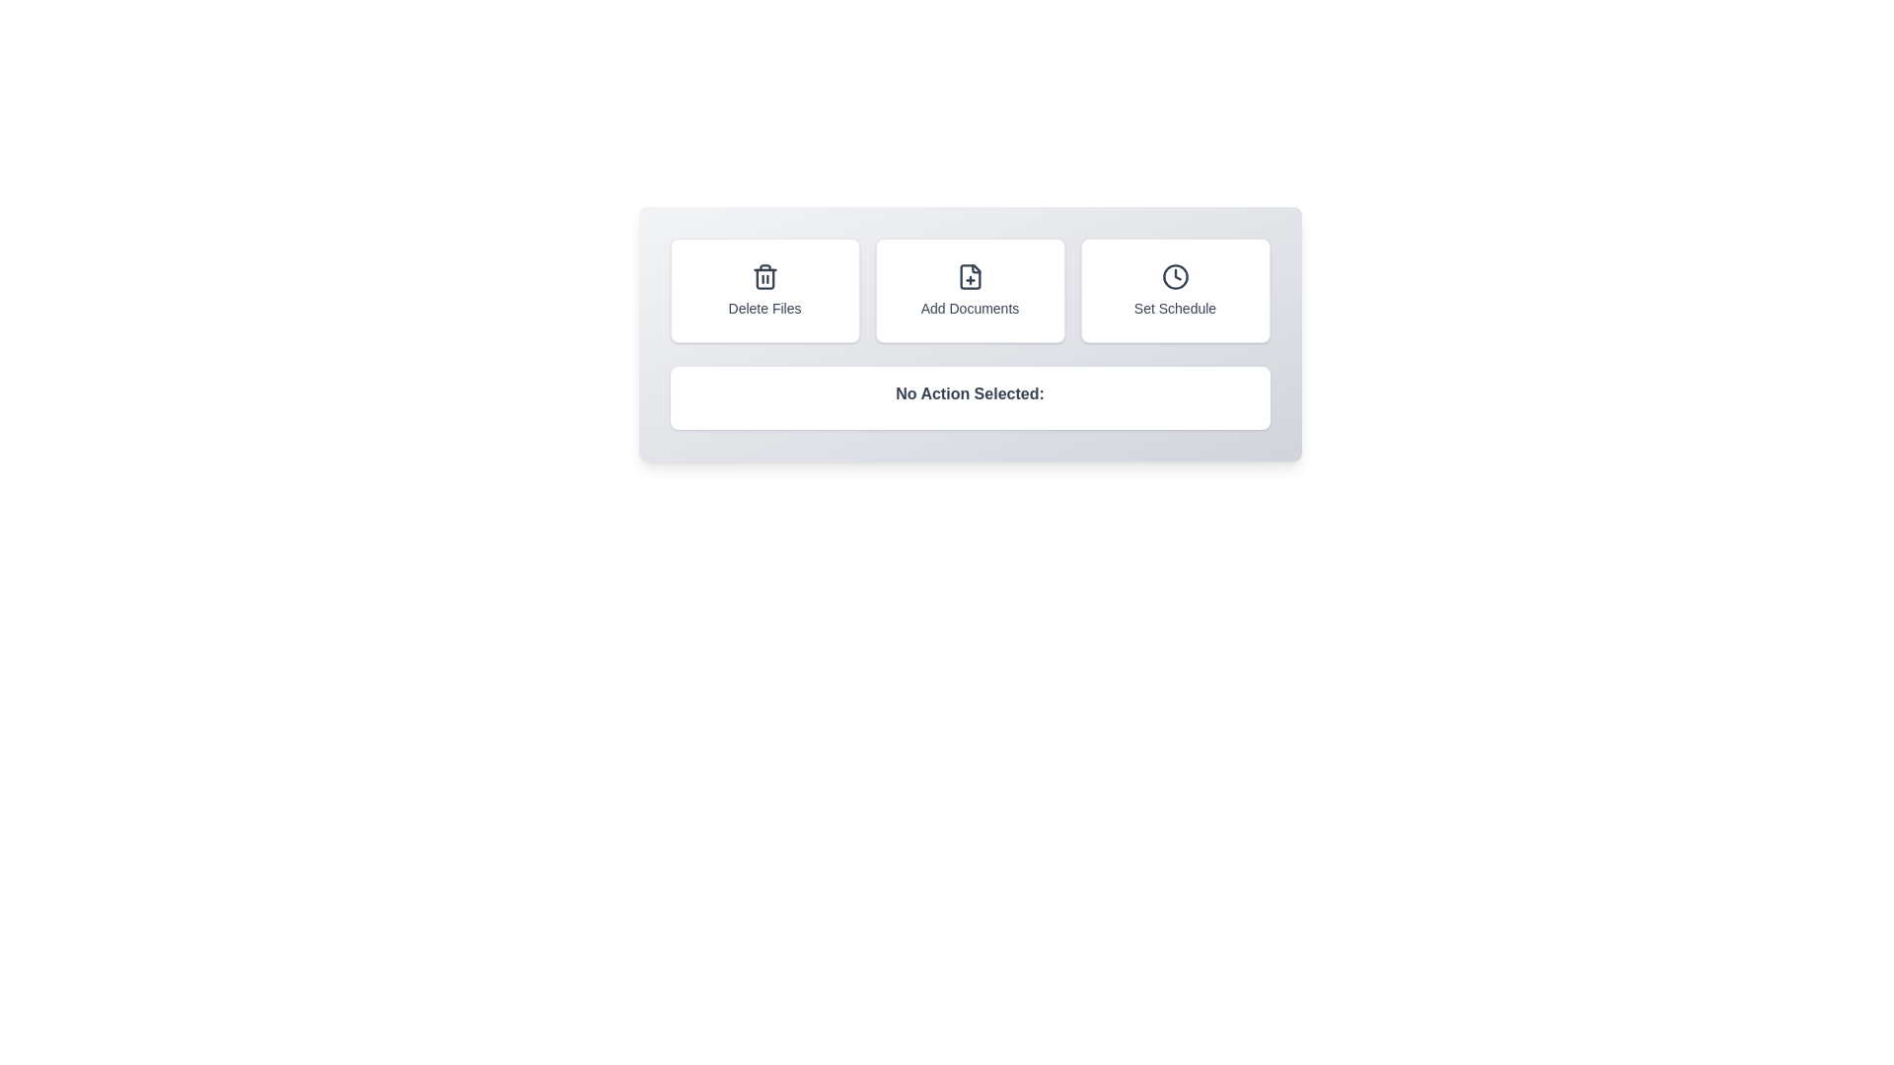  What do you see at coordinates (970, 277) in the screenshot?
I see `the icon representing the action of adding documents, which is located between the 'Delete Files' button and the 'Set Schedule' button` at bounding box center [970, 277].